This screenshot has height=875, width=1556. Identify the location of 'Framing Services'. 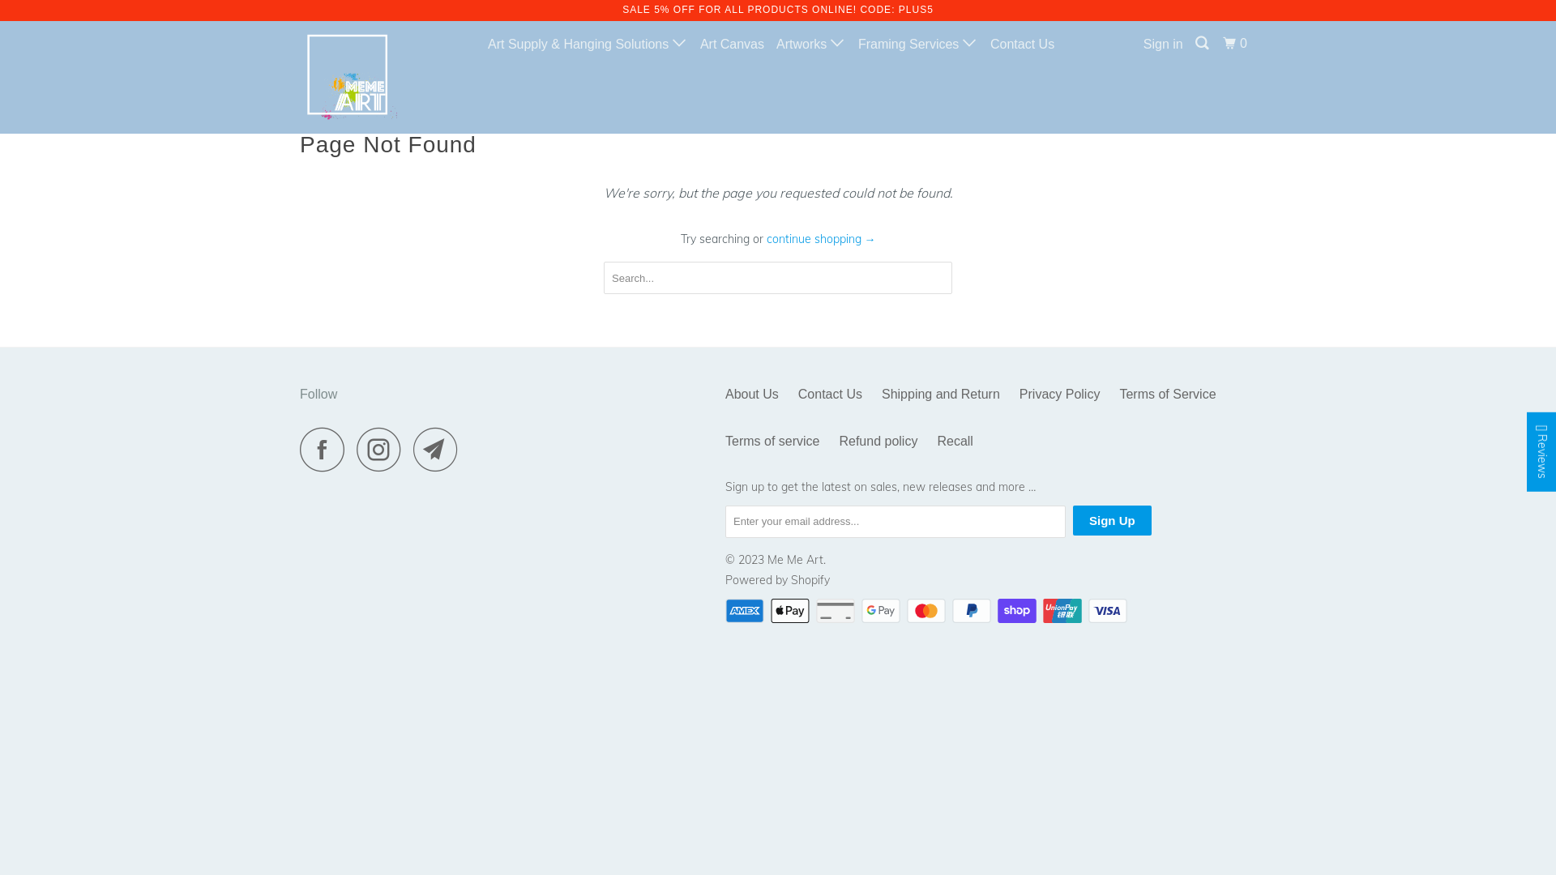
(917, 43).